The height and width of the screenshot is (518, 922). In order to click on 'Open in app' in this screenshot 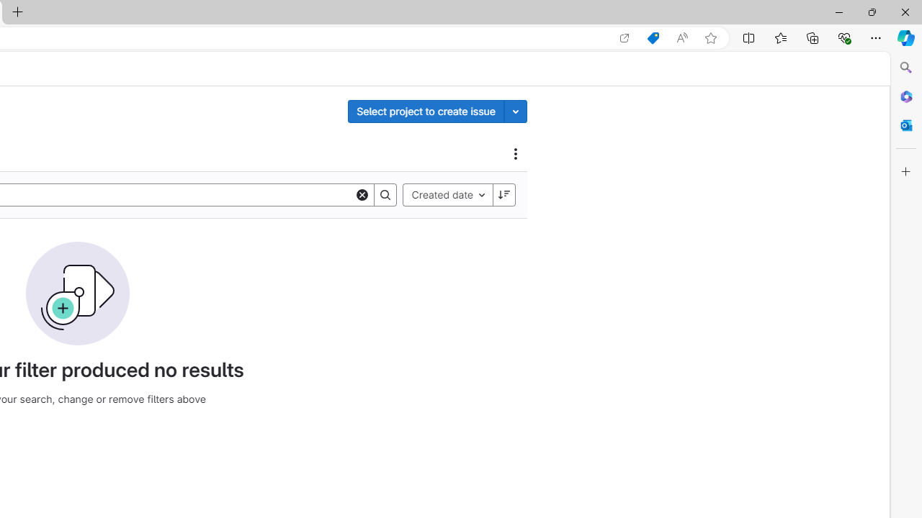, I will do `click(625, 37)`.